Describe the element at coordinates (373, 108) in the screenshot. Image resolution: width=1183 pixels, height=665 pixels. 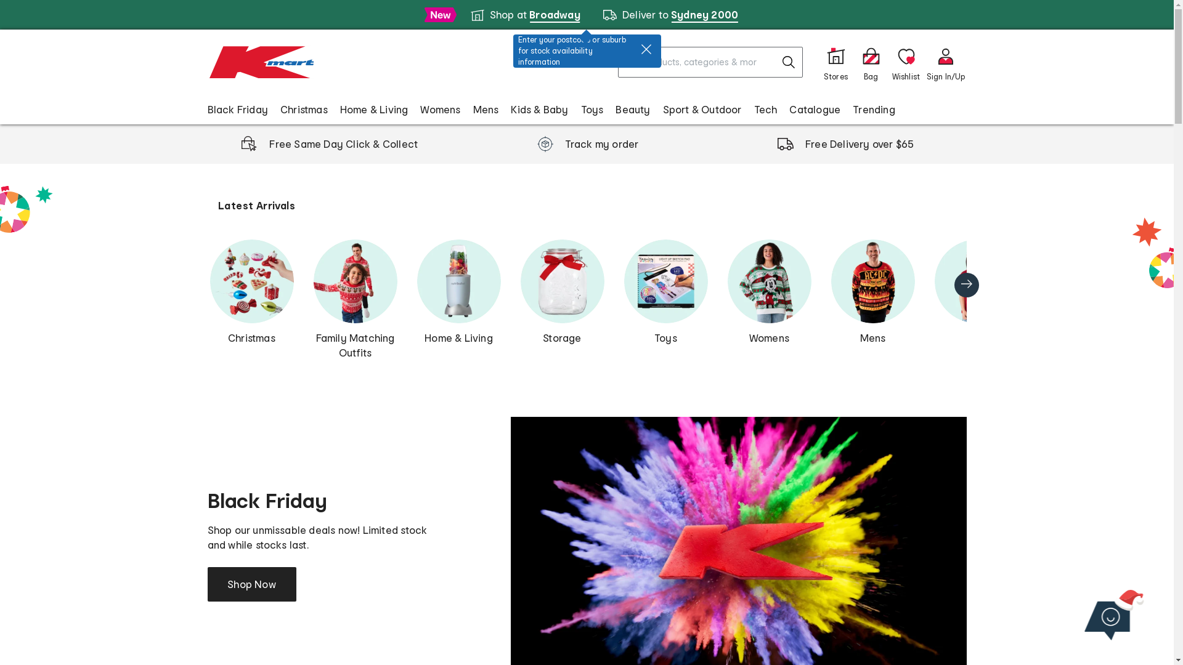
I see `'Home & Living'` at that location.